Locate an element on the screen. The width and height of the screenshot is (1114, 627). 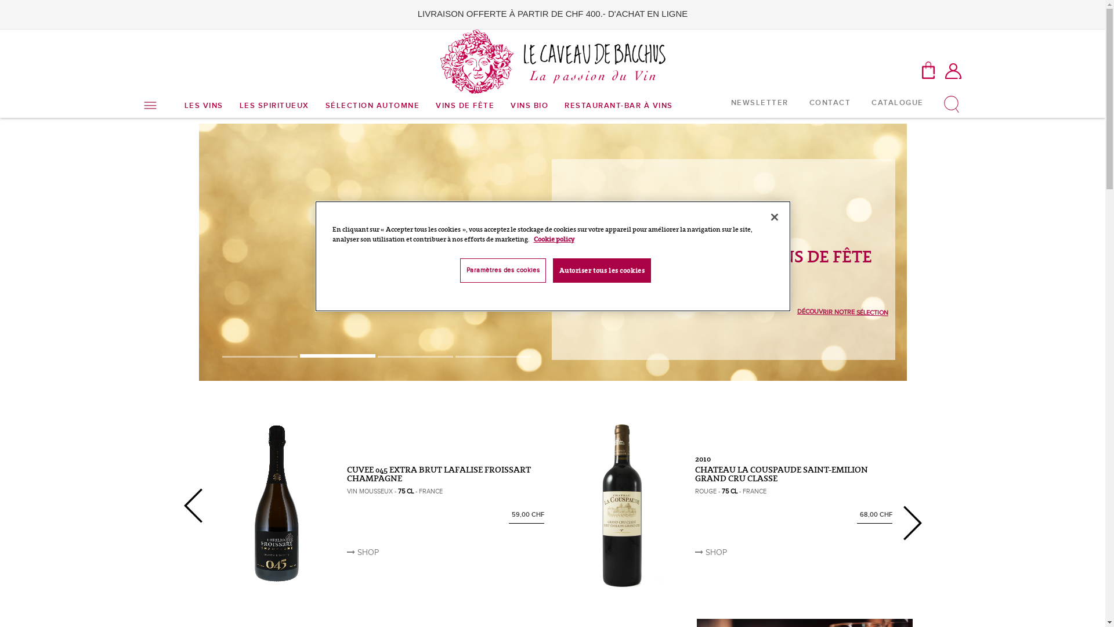
'Next' is located at coordinates (911, 523).